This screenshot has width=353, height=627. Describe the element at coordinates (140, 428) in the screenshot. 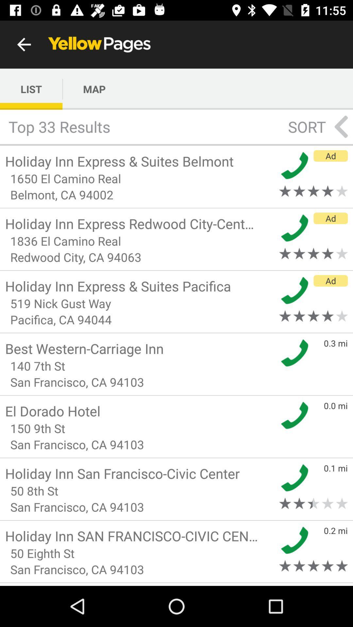

I see `the icon above the san francisco ca item` at that location.